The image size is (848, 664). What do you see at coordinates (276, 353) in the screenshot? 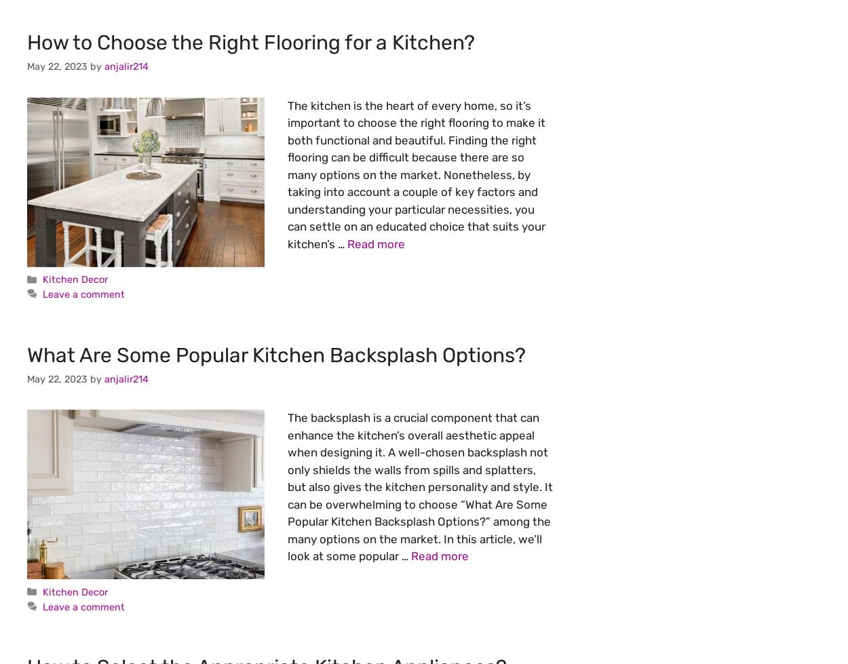
I see `'What Are Some Popular Kitchen Backsplash Options?'` at bounding box center [276, 353].